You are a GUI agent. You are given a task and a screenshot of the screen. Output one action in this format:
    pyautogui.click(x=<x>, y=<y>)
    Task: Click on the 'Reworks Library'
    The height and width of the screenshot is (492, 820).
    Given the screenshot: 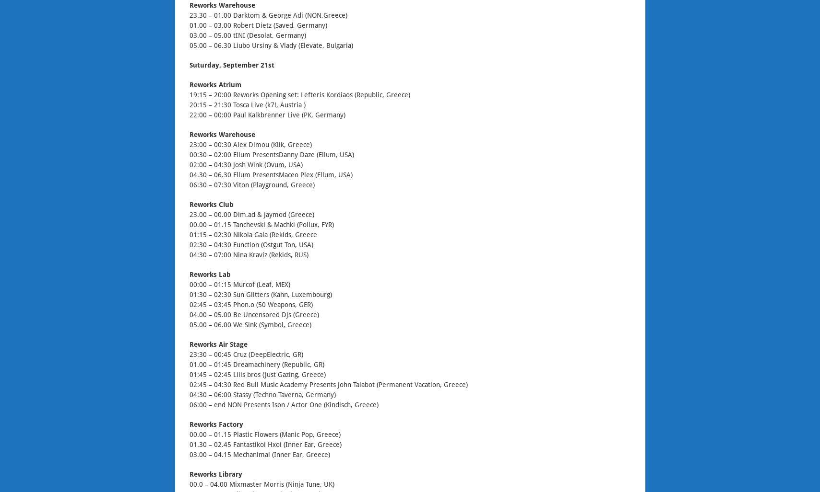 What is the action you would take?
    pyautogui.click(x=216, y=473)
    